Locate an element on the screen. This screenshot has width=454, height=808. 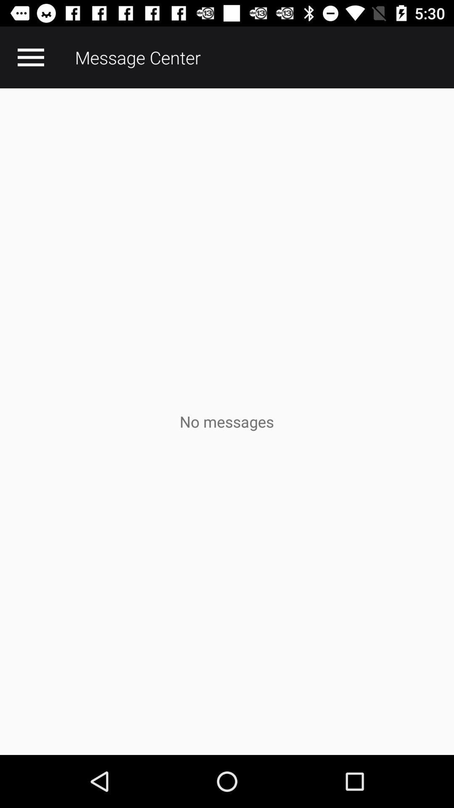
settings is located at coordinates (30, 57).